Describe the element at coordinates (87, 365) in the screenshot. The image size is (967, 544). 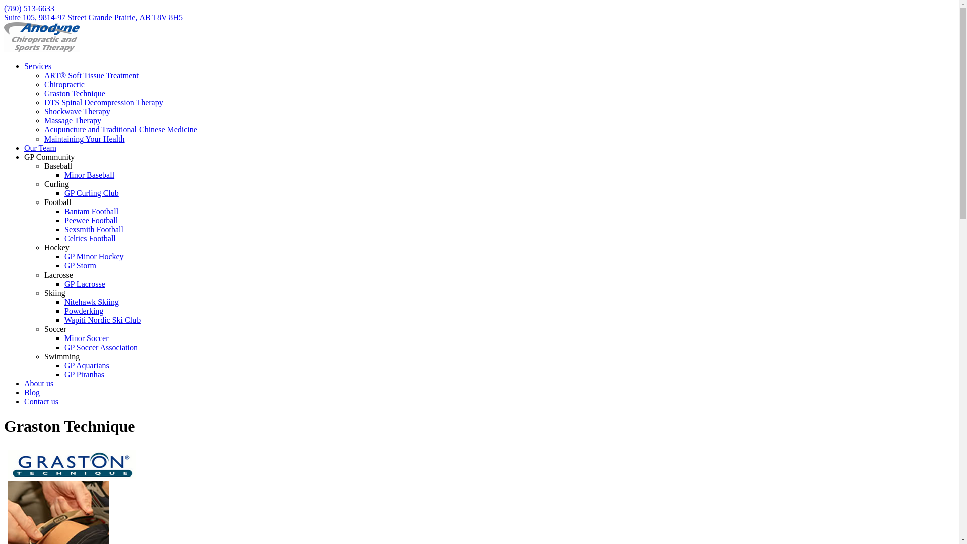
I see `'GP Aquarians'` at that location.